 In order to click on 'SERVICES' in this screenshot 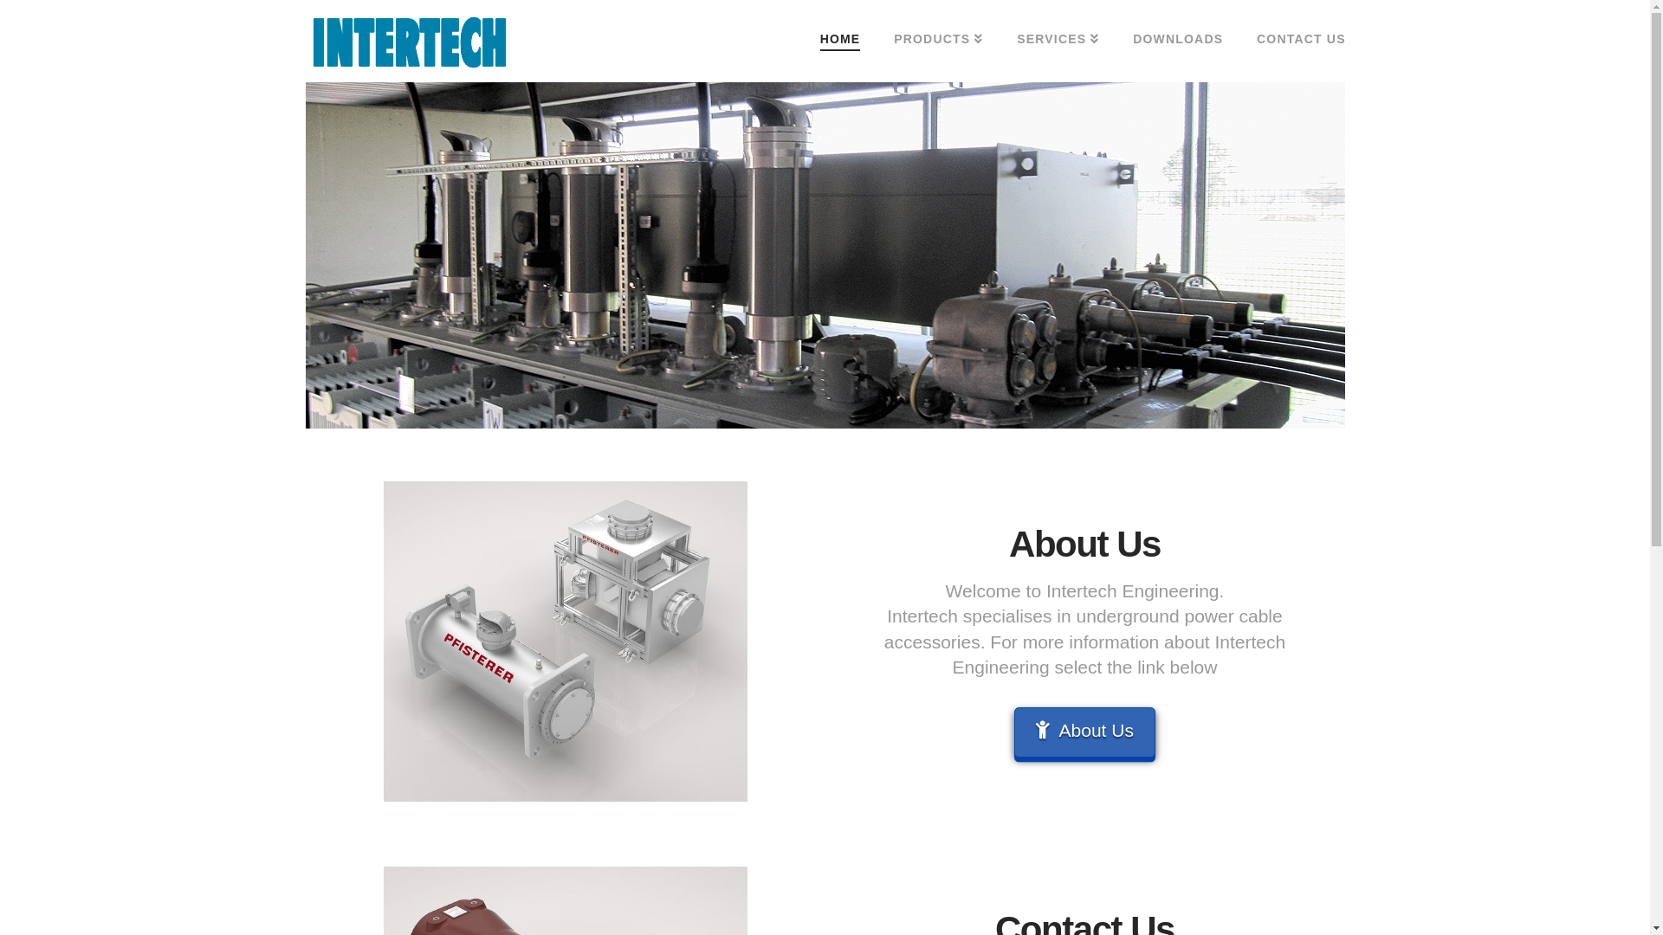, I will do `click(1056, 39)`.